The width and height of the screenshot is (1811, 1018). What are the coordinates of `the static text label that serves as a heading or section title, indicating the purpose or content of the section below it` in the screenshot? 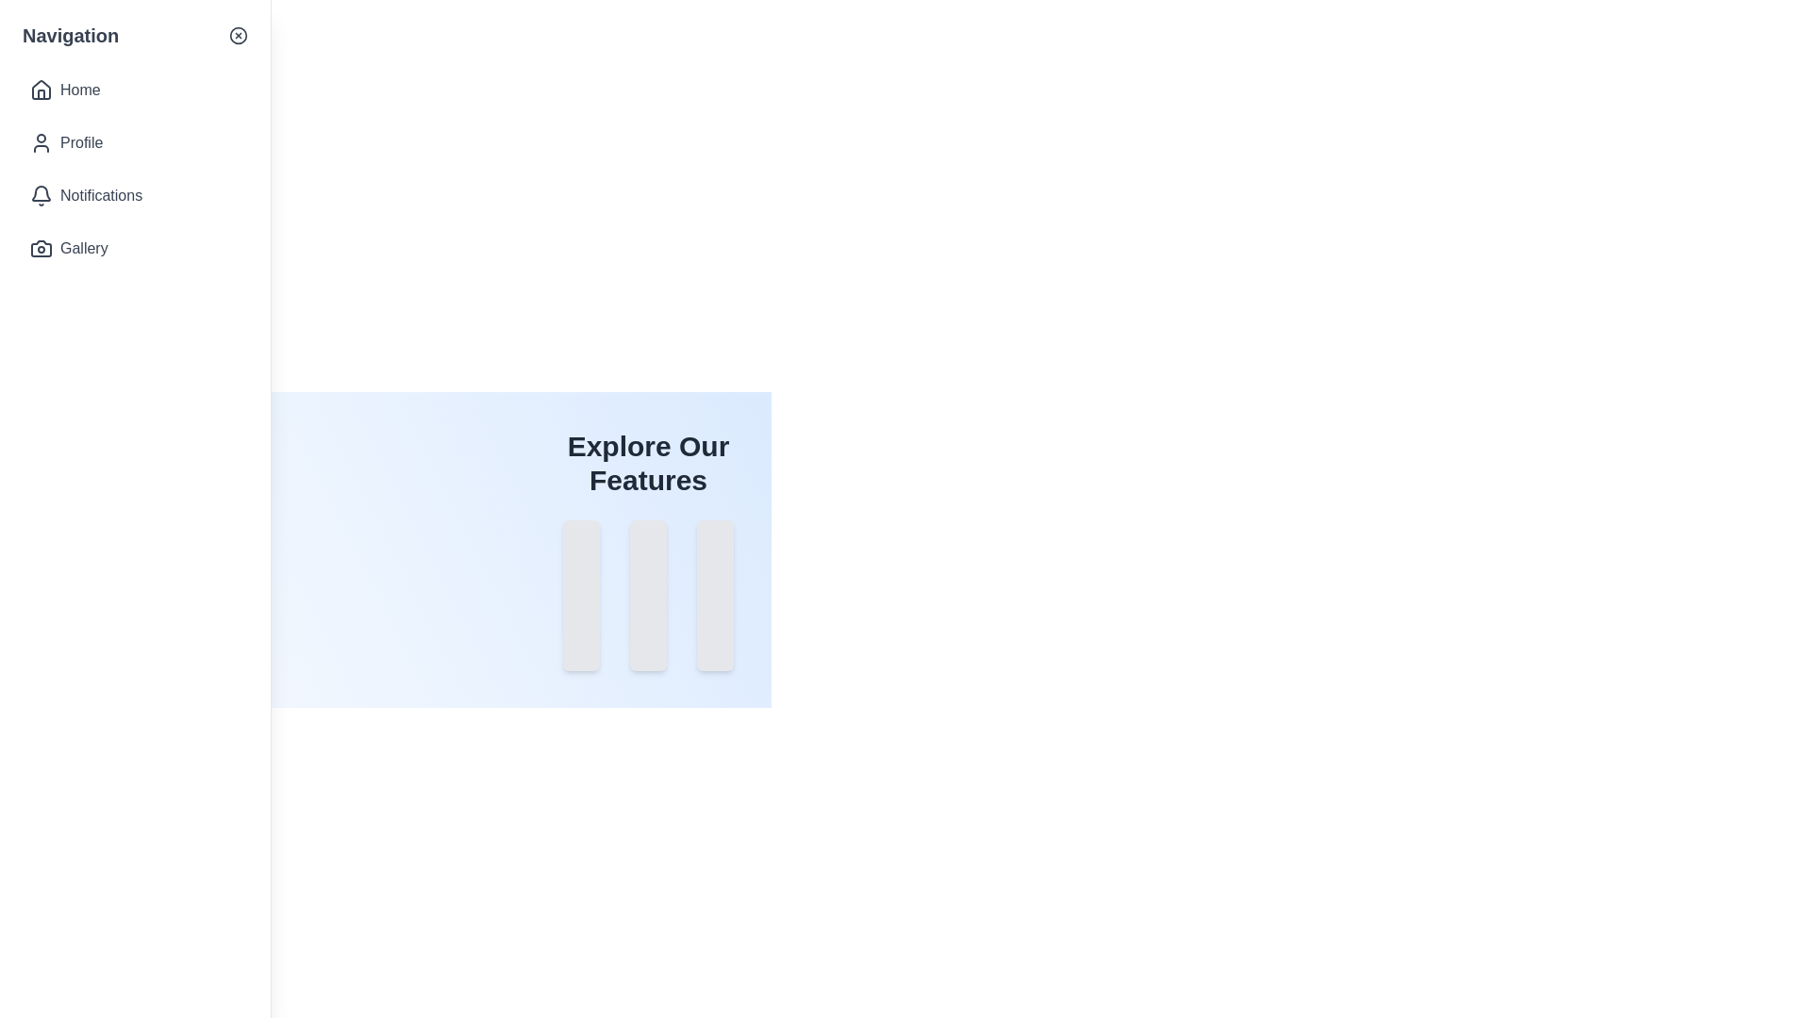 It's located at (648, 464).